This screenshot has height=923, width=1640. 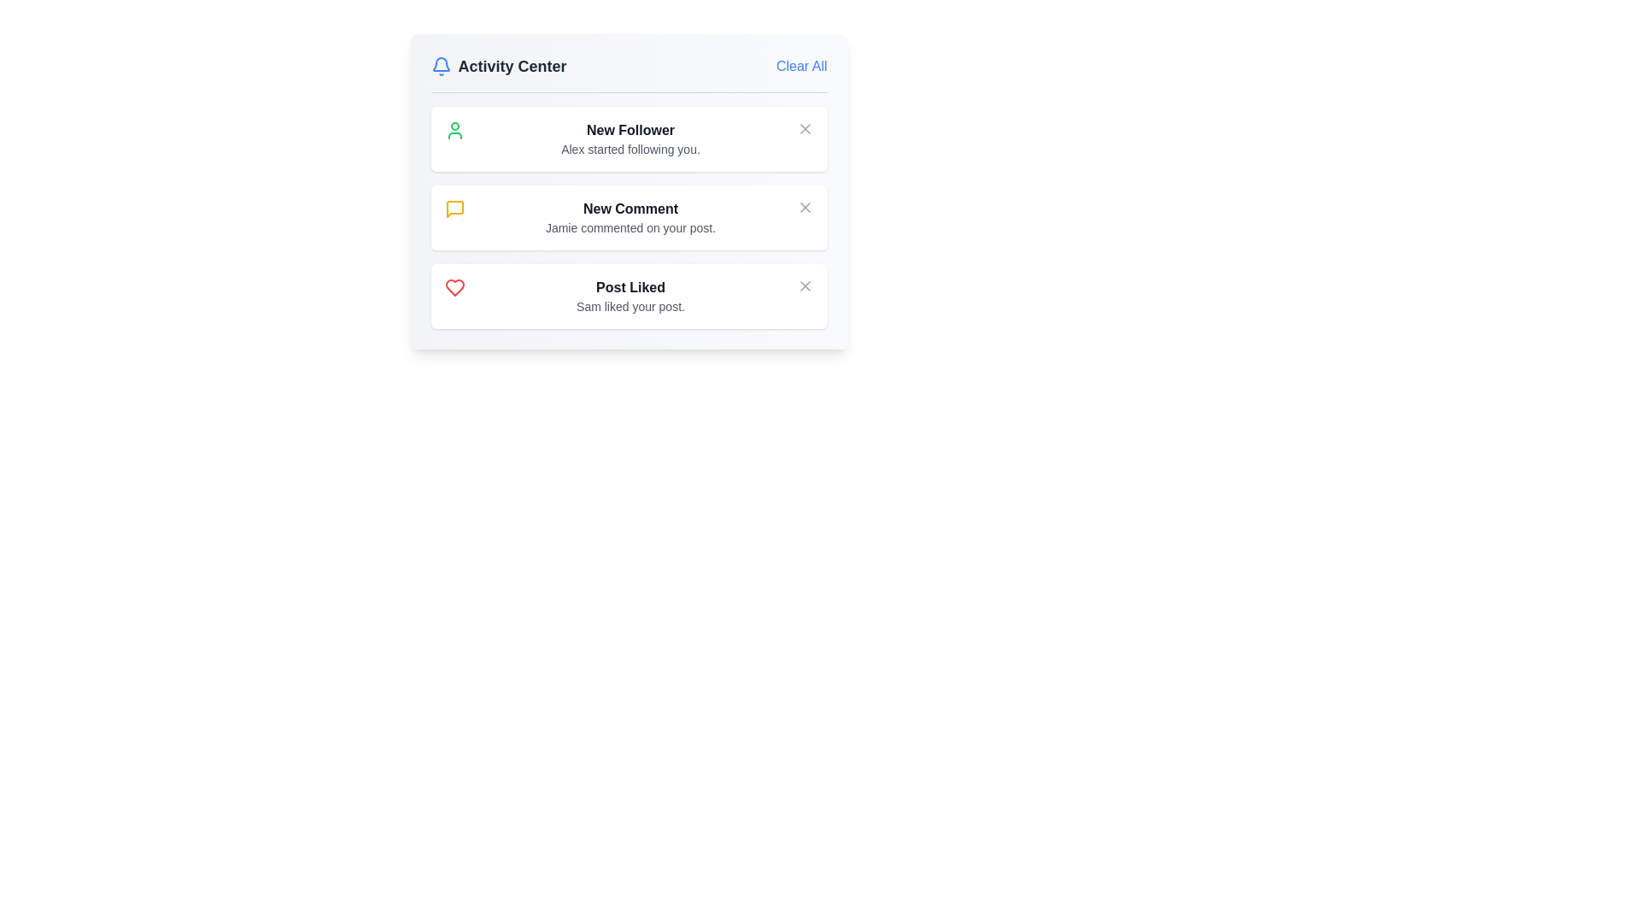 I want to click on the decorative icon in the second notification item titled 'New Comment' with subtitle 'Jamie commented on your post.', so click(x=454, y=209).